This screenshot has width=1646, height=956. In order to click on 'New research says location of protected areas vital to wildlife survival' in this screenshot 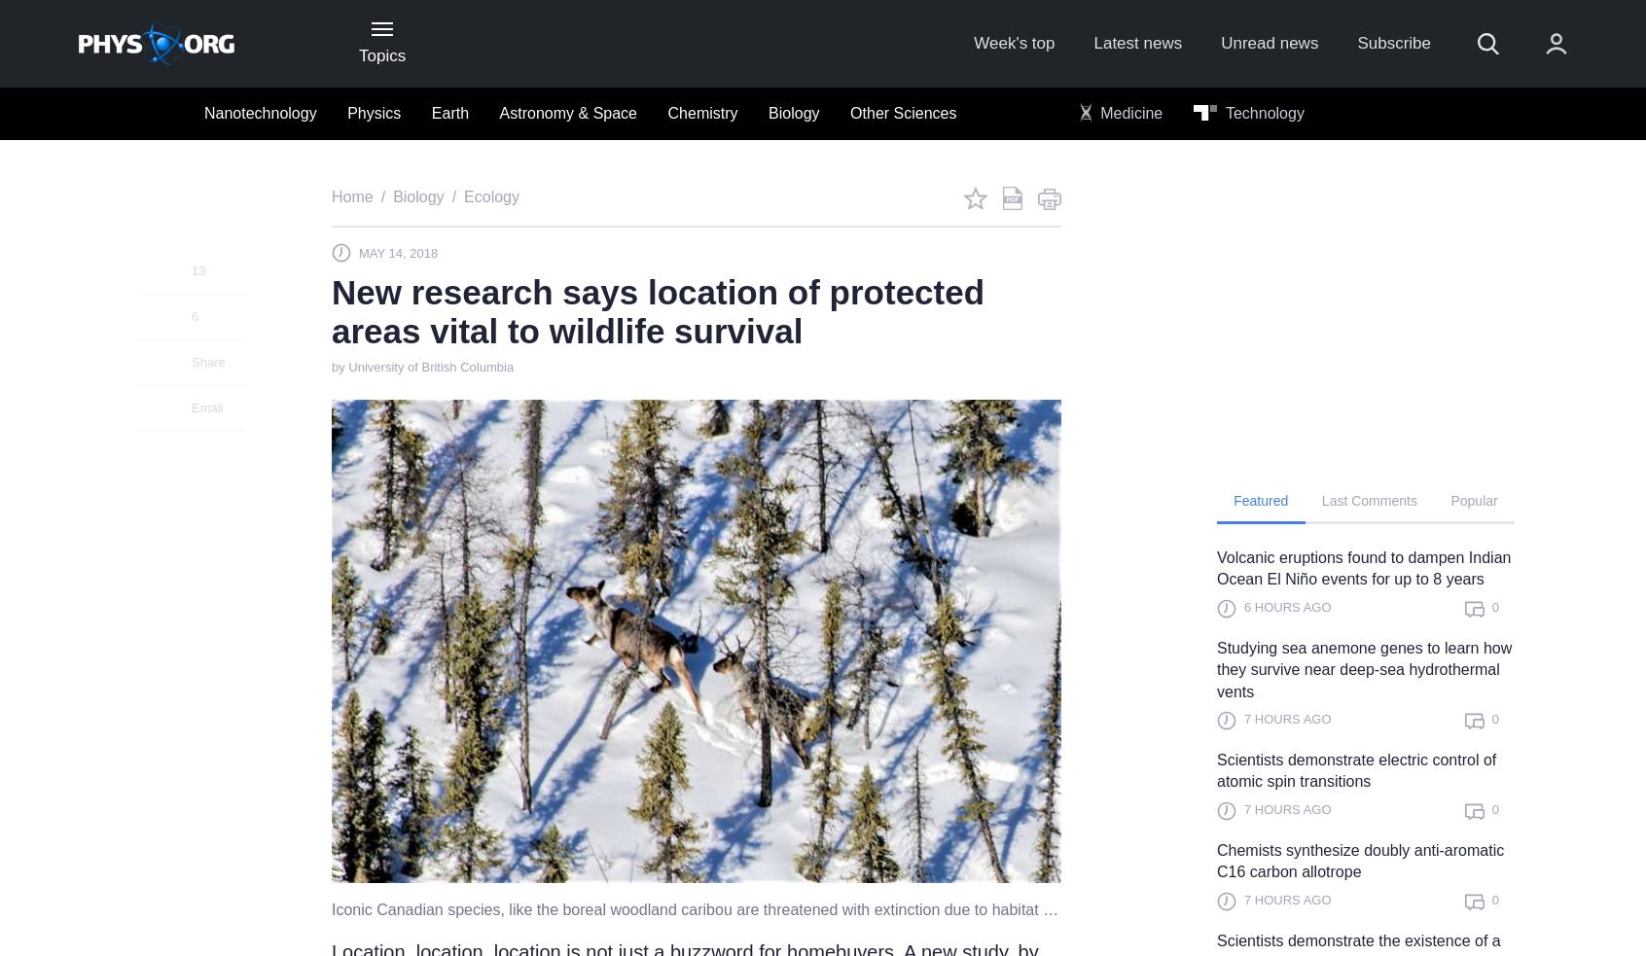, I will do `click(658, 310)`.